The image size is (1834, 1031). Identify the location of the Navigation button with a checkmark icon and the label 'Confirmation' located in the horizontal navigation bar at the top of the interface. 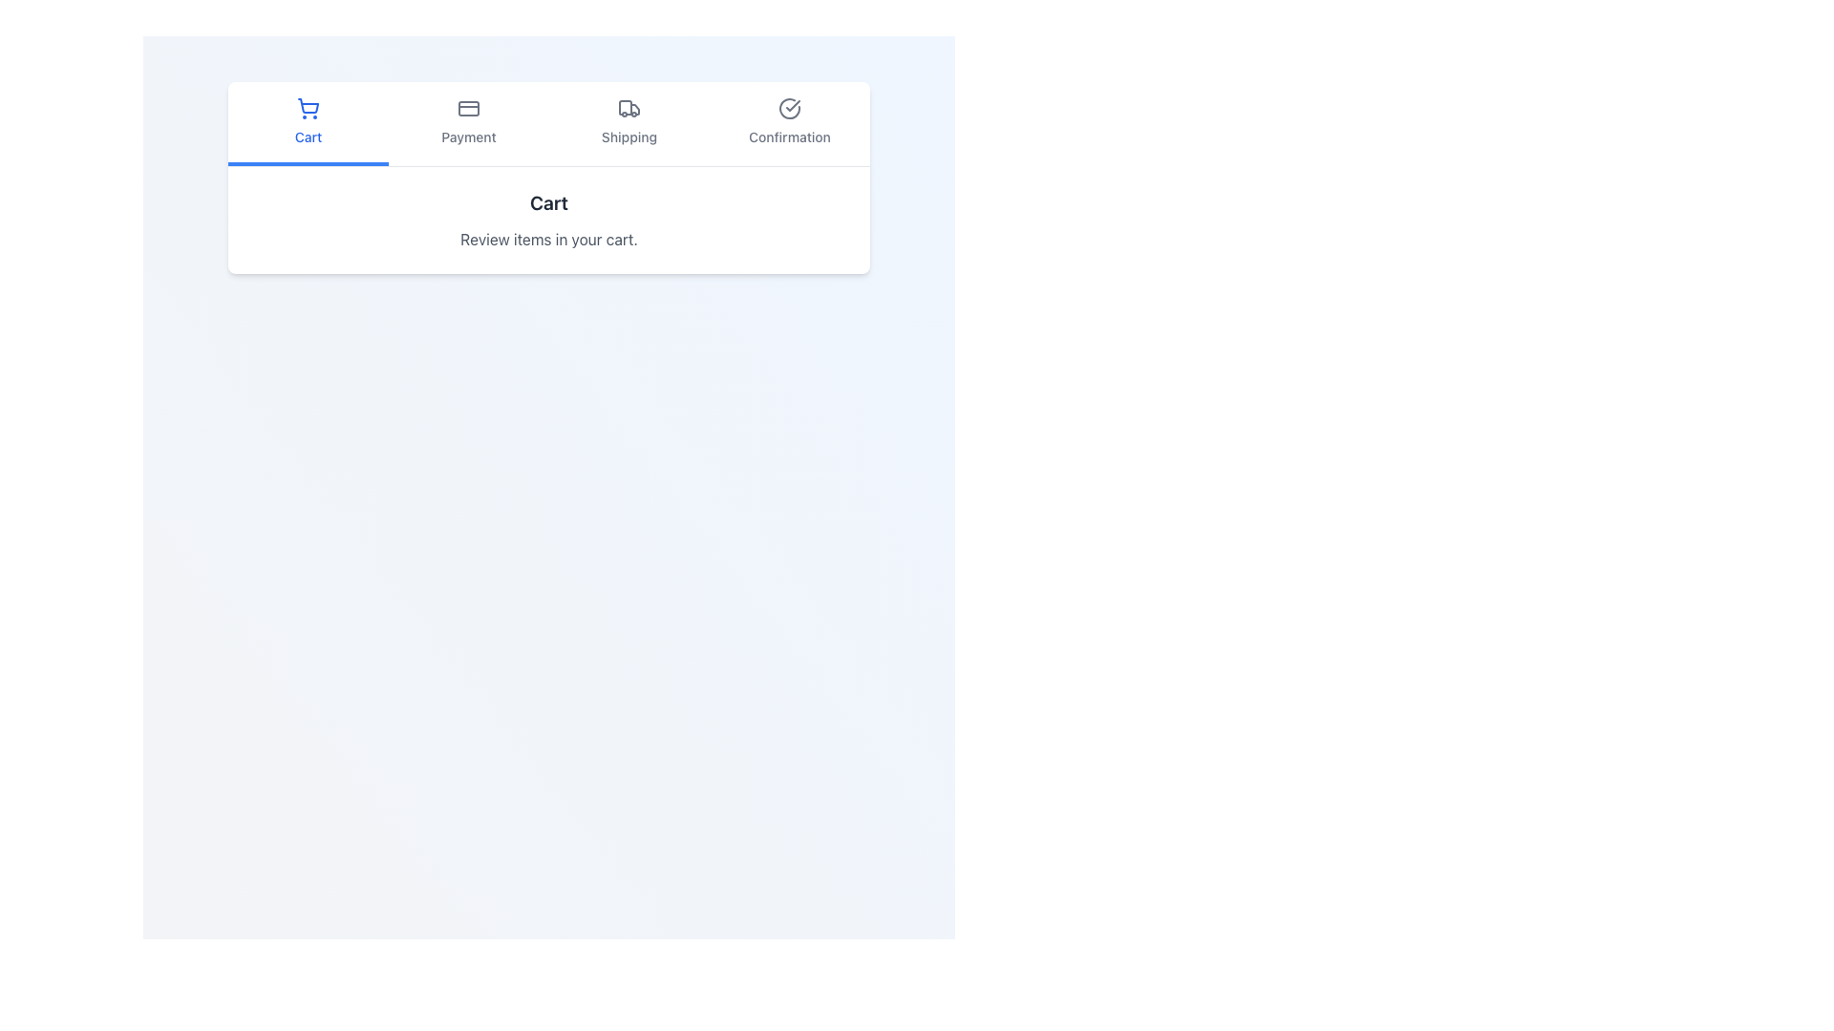
(789, 121).